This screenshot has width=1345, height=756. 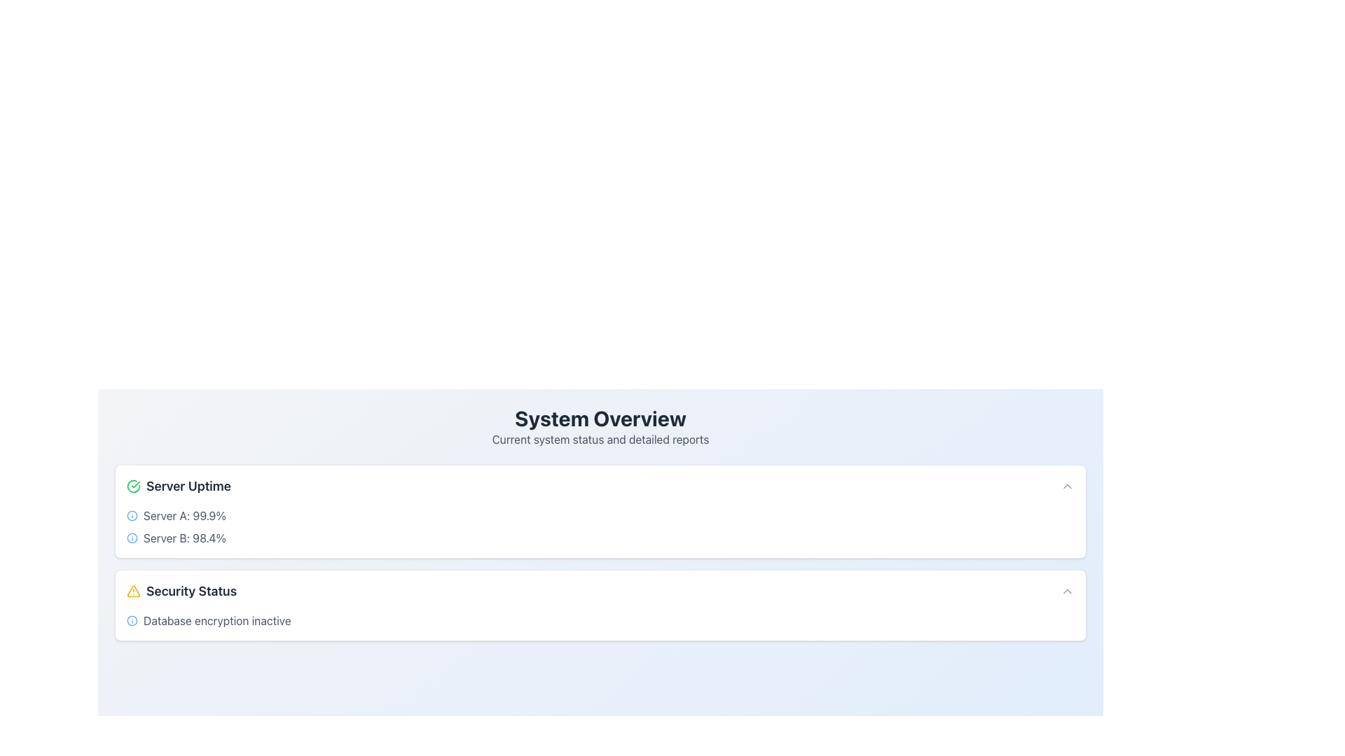 I want to click on the security status indicator icon located to the left of the text 'Security Status' within the security information panel on the lower part of the dashboard, so click(x=134, y=591).